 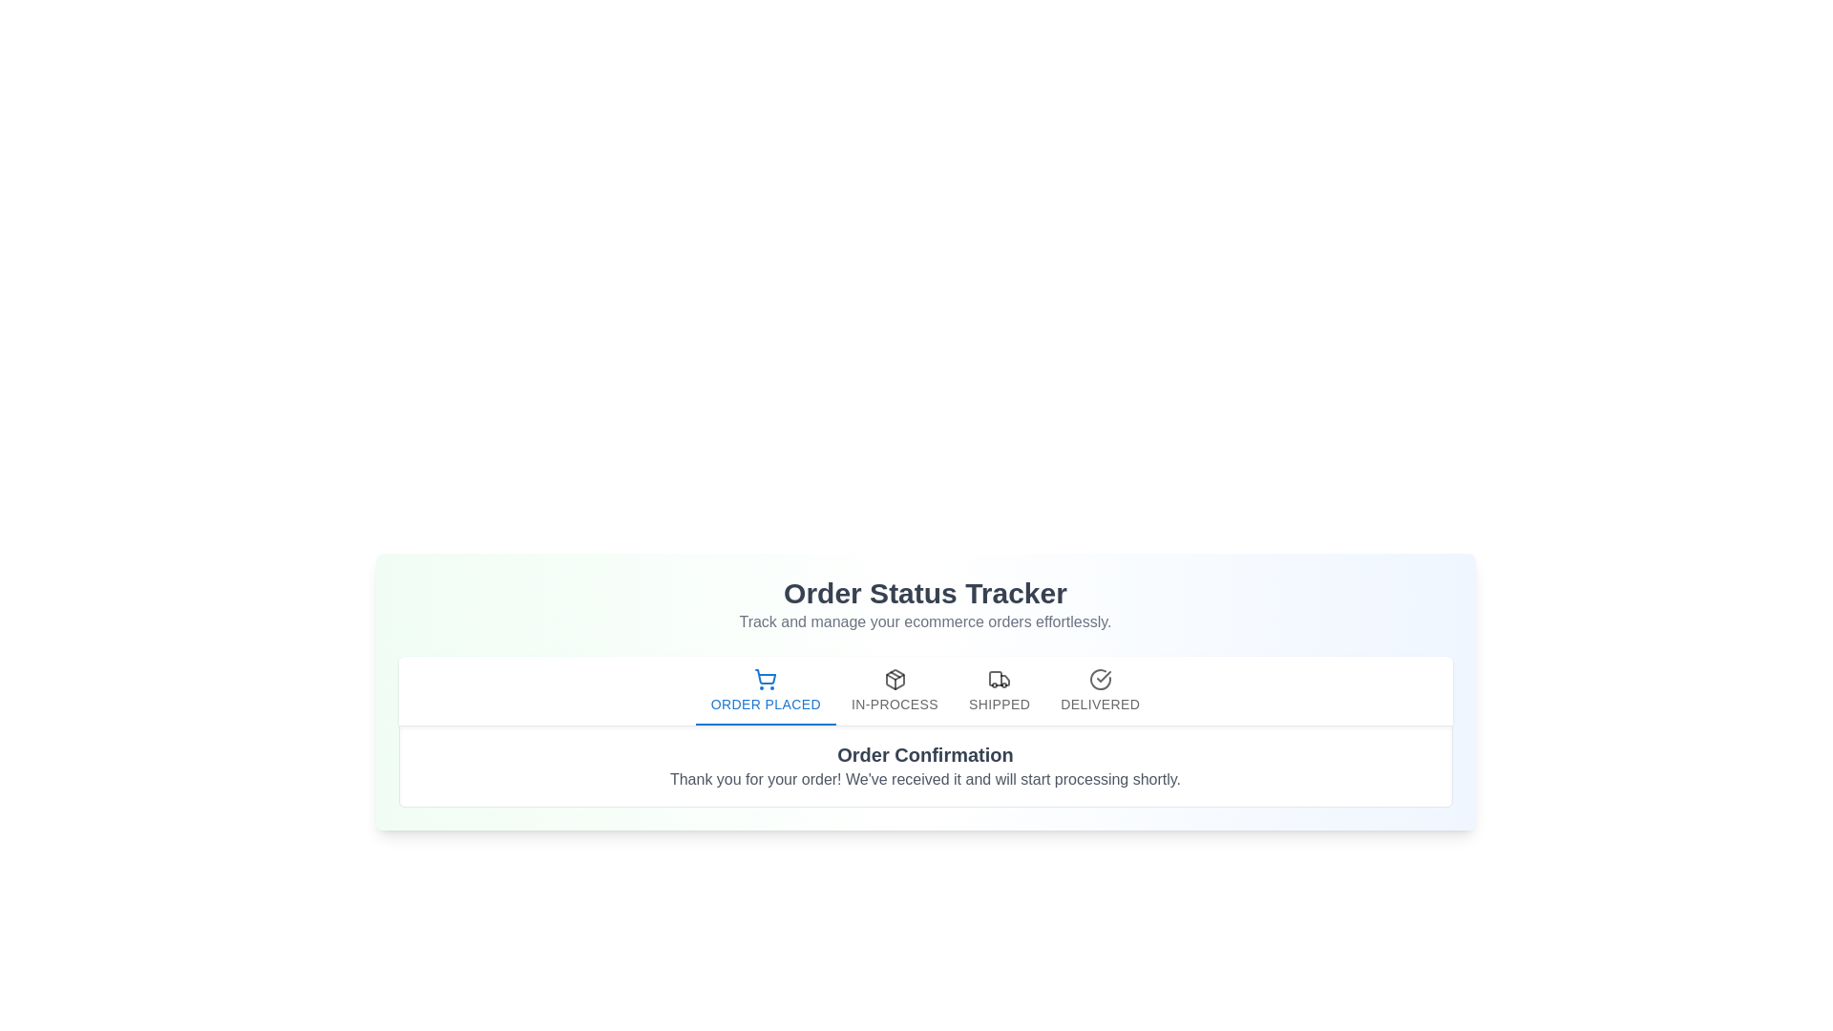 I want to click on the Navigation Tab Button, which is the second button in a horizontal list of four, positioned between 'Order Placed' and 'Shipped' buttons, so click(x=894, y=691).